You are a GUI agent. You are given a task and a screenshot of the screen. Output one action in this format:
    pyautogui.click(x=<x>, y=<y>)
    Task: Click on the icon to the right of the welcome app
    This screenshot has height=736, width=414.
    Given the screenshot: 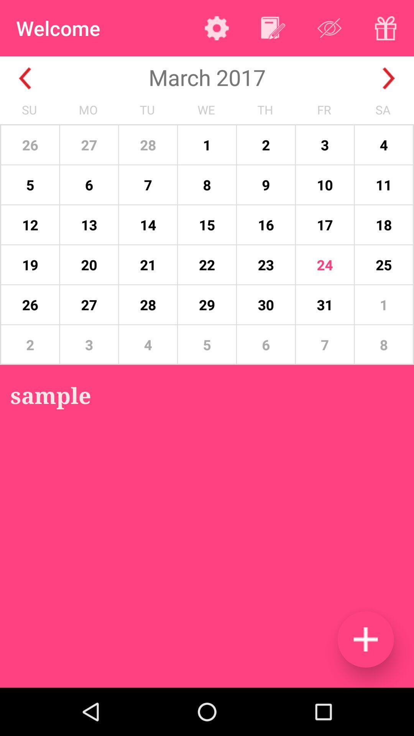 What is the action you would take?
    pyautogui.click(x=217, y=28)
    